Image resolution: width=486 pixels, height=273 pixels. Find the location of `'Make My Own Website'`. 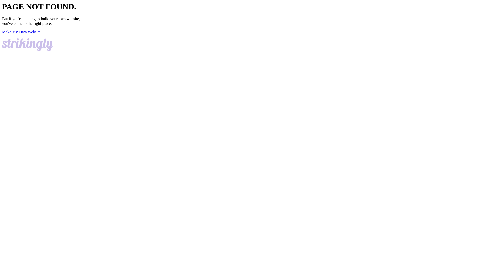

'Make My Own Website' is located at coordinates (21, 32).